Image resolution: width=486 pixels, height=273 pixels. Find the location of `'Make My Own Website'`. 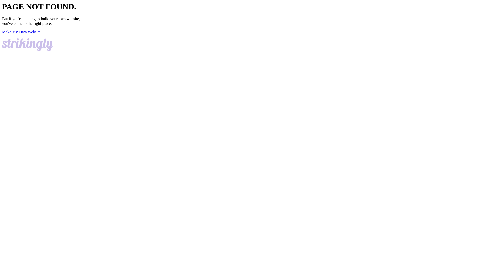

'Make My Own Website' is located at coordinates (21, 32).